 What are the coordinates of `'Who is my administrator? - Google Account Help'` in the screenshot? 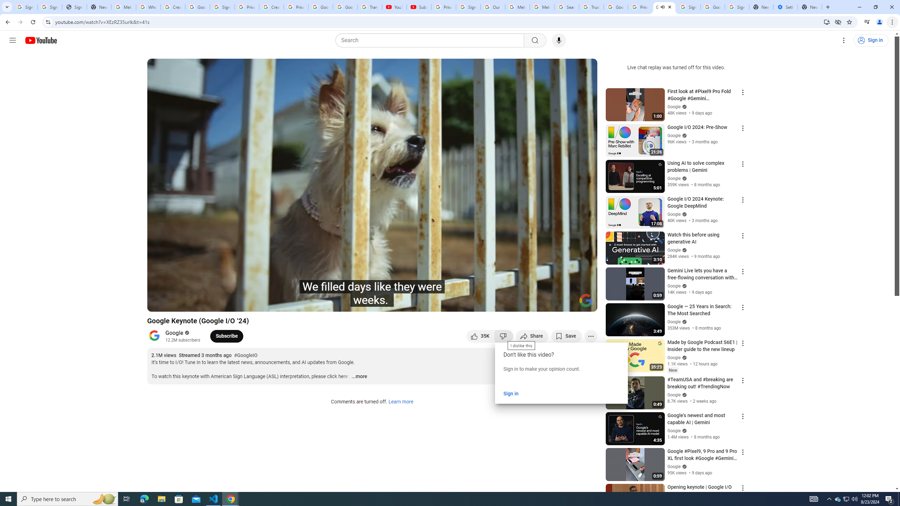 It's located at (148, 7).